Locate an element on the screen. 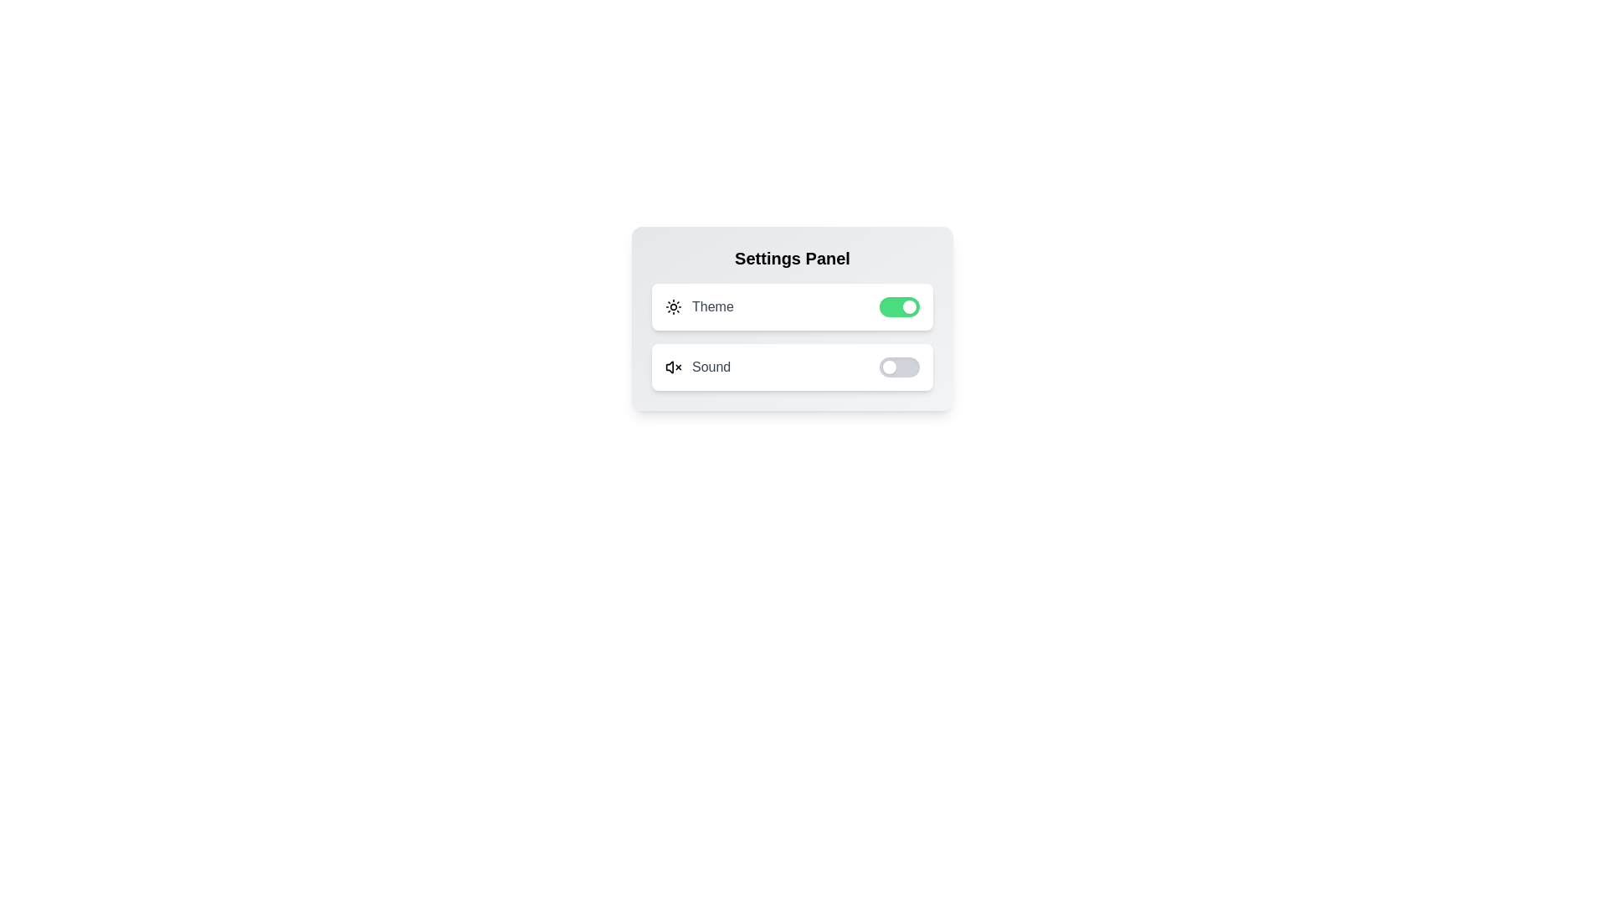  the icon corresponding to Theme to toggle its state is located at coordinates (674, 306).